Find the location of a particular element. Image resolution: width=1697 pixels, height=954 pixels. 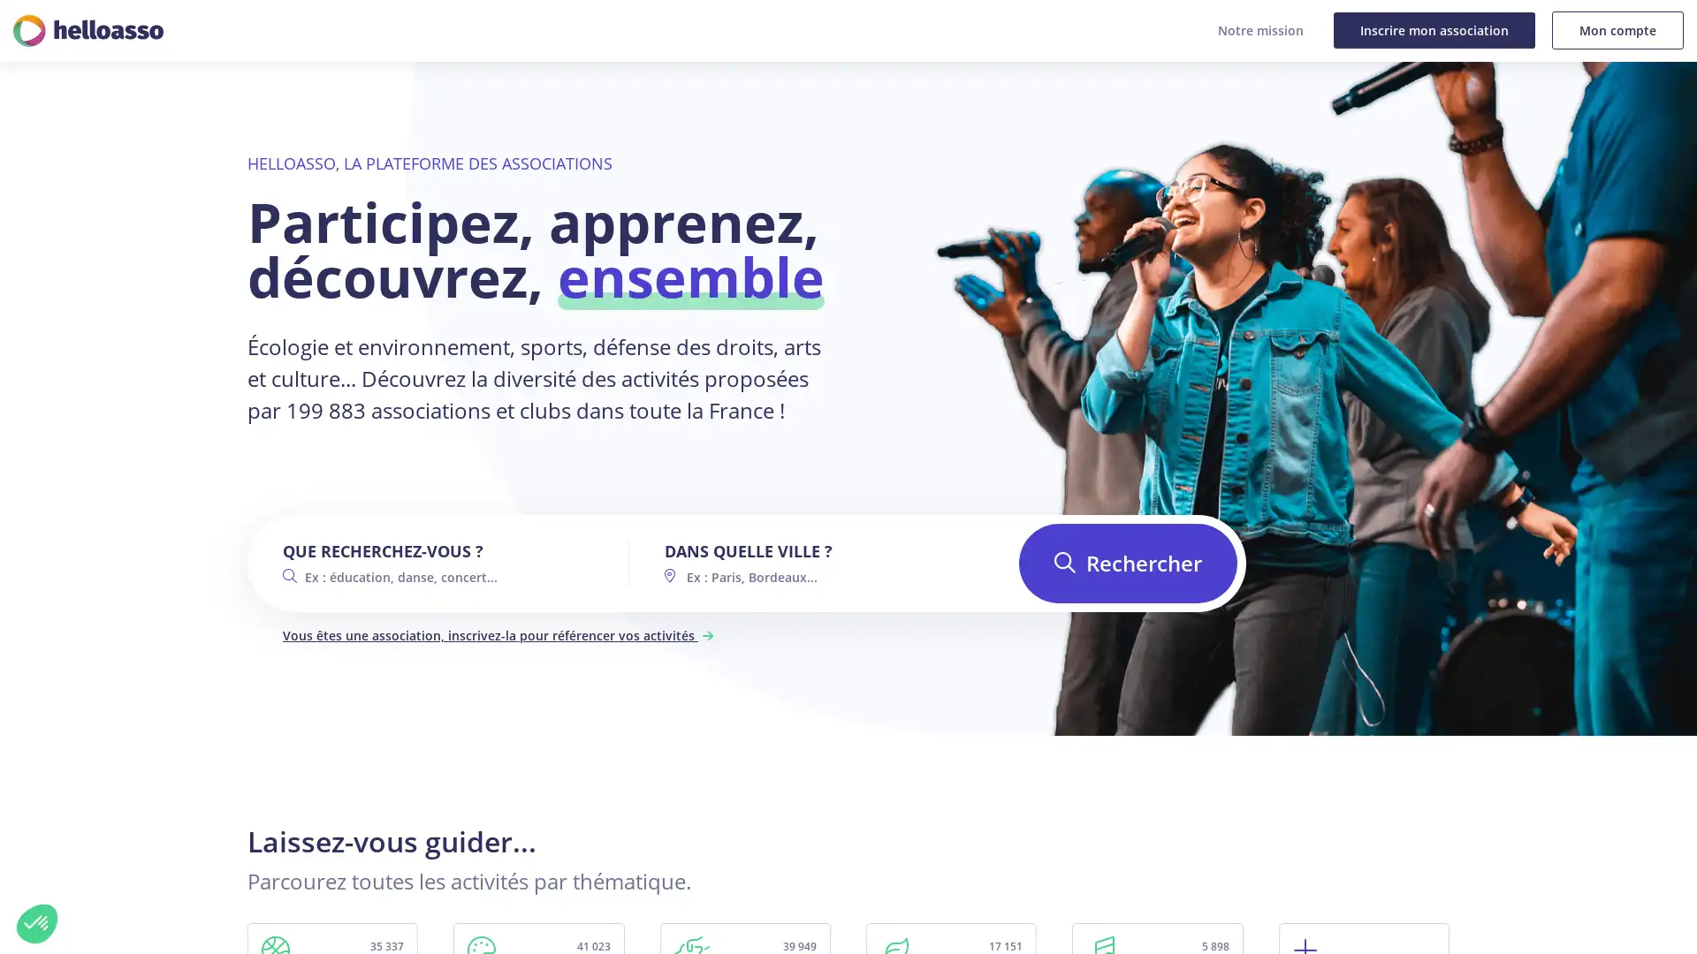

Non merci is located at coordinates (37, 922).